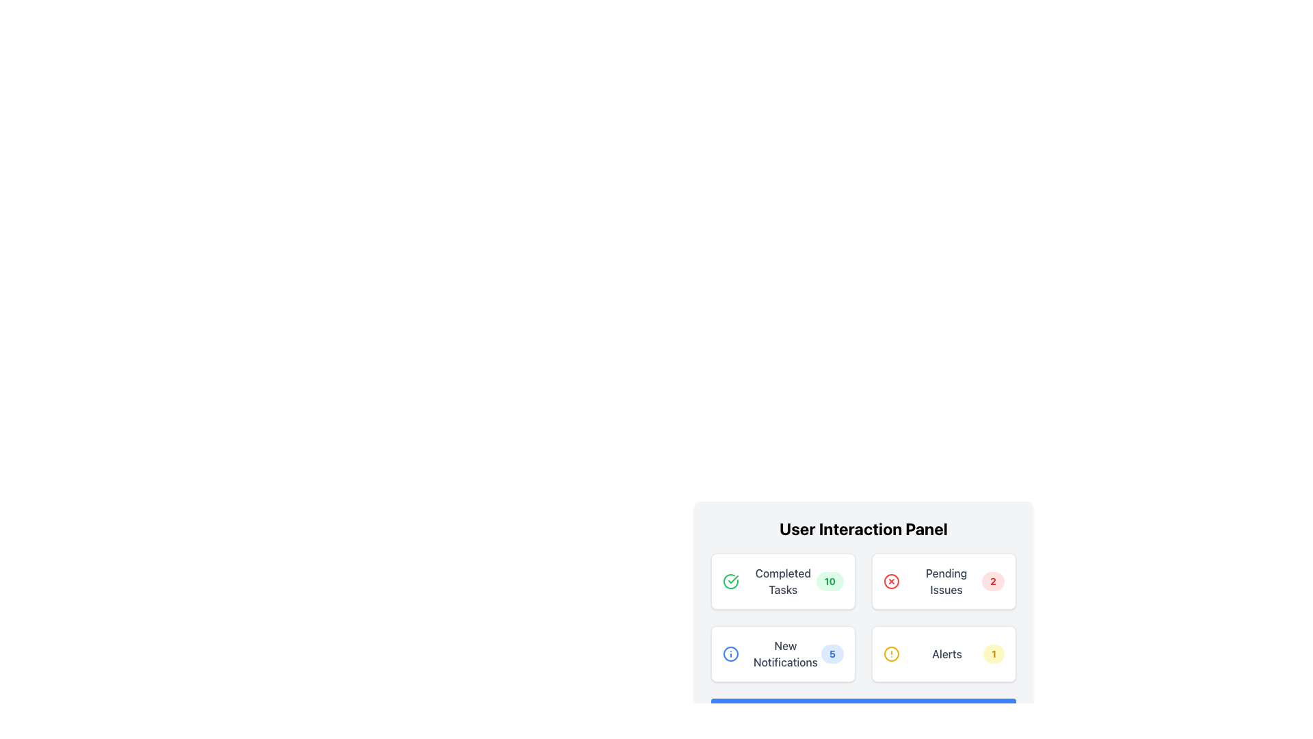 This screenshot has width=1313, height=739. Describe the element at coordinates (946, 653) in the screenshot. I see `the 'Alerts' text label located in the bottom-right card of the grid layout, which indicates the purpose of the surrounding group` at that location.